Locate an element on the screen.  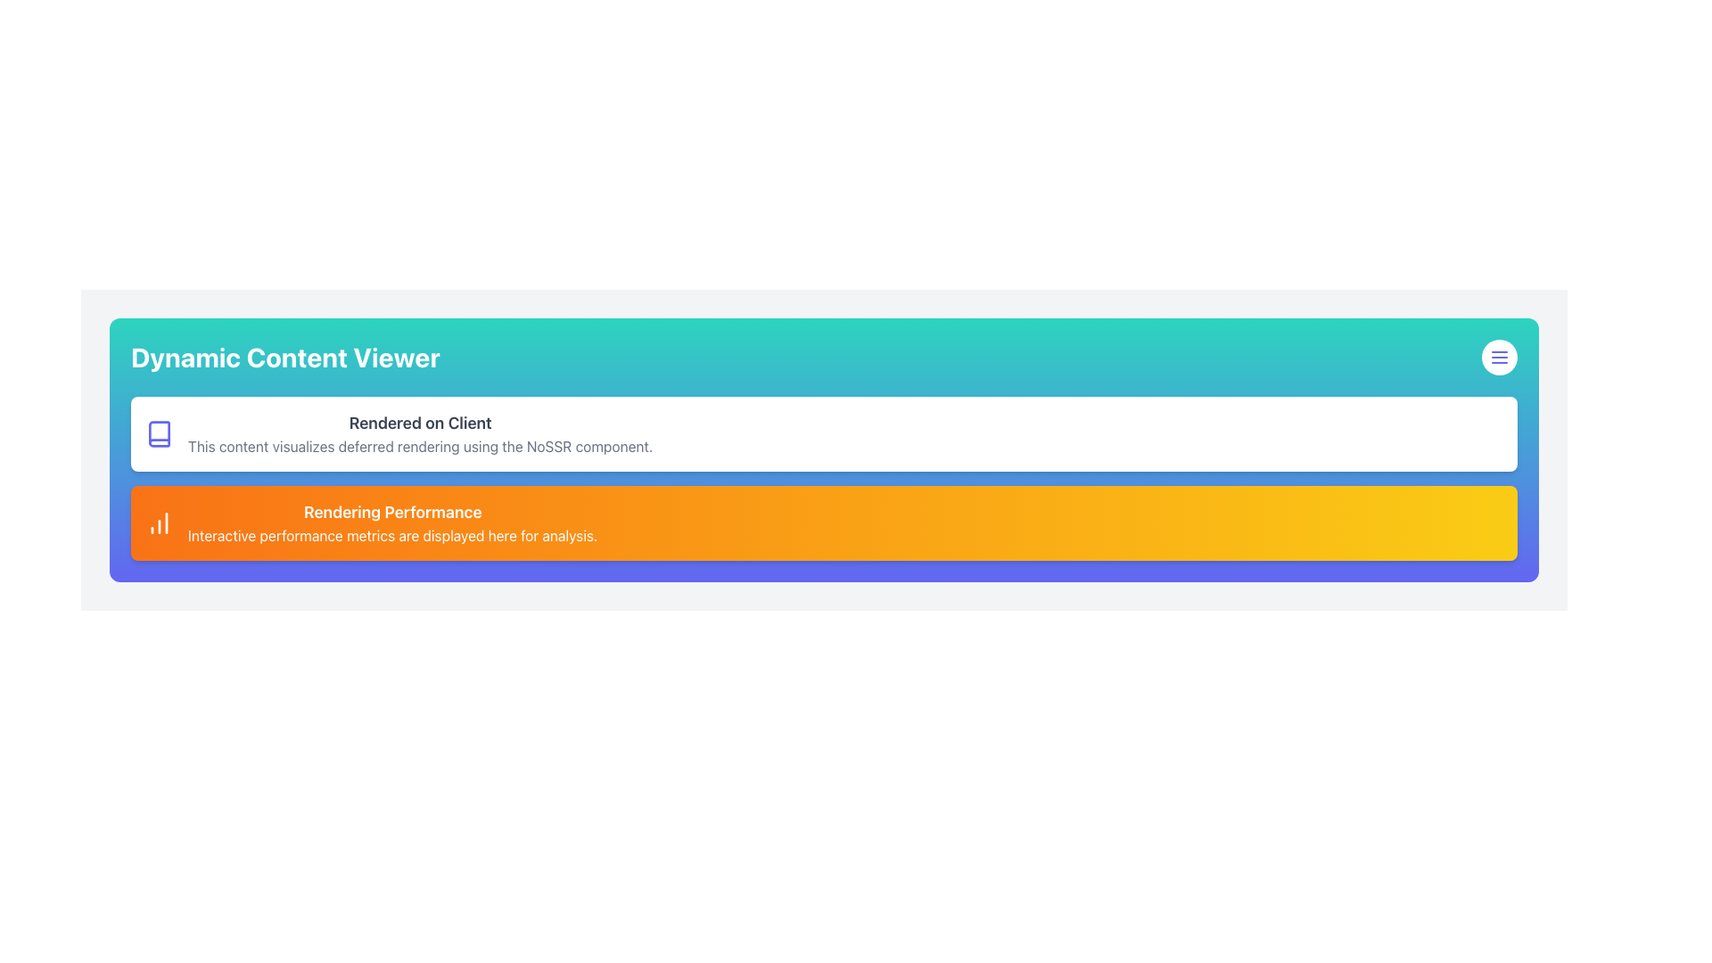
the text field displaying 'Interactive performance metrics are displayed here for analysis.' which is located under the 'Rendering Performance' section and has an orange background is located at coordinates (391, 535).